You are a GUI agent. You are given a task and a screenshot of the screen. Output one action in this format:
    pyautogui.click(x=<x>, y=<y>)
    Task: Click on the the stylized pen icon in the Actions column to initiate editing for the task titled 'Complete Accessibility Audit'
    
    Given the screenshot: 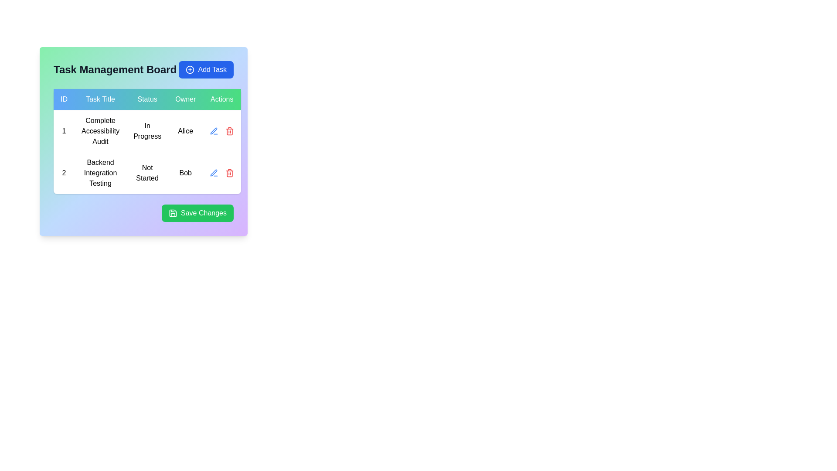 What is the action you would take?
    pyautogui.click(x=214, y=131)
    